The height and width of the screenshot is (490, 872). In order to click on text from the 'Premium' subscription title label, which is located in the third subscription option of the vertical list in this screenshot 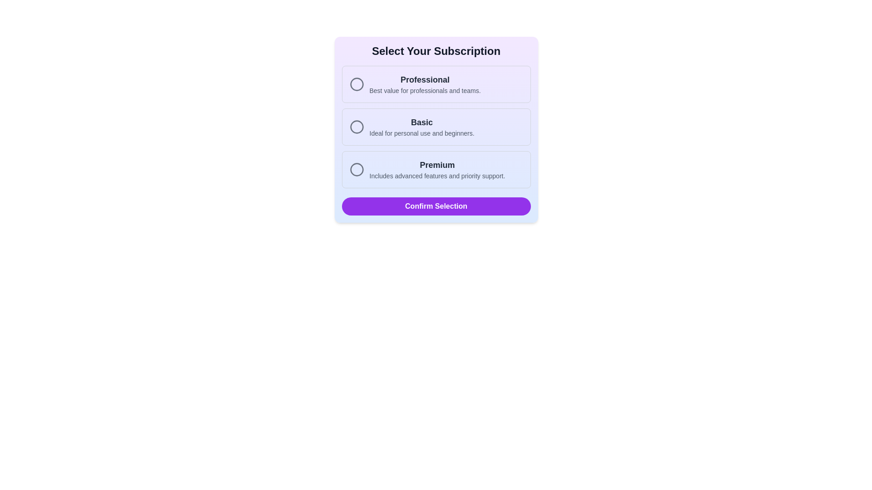, I will do `click(437, 165)`.